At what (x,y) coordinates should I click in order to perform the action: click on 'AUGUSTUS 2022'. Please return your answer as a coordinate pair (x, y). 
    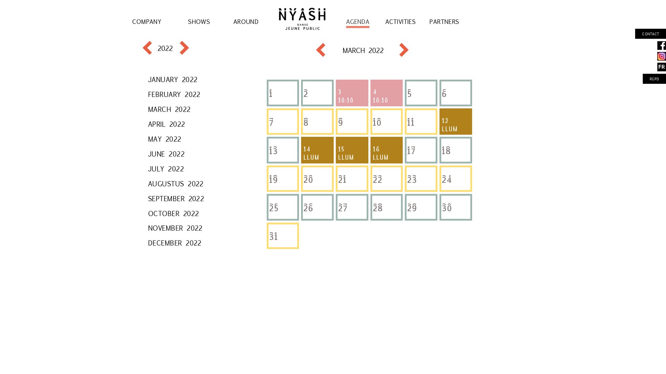
    Looking at the image, I should click on (176, 183).